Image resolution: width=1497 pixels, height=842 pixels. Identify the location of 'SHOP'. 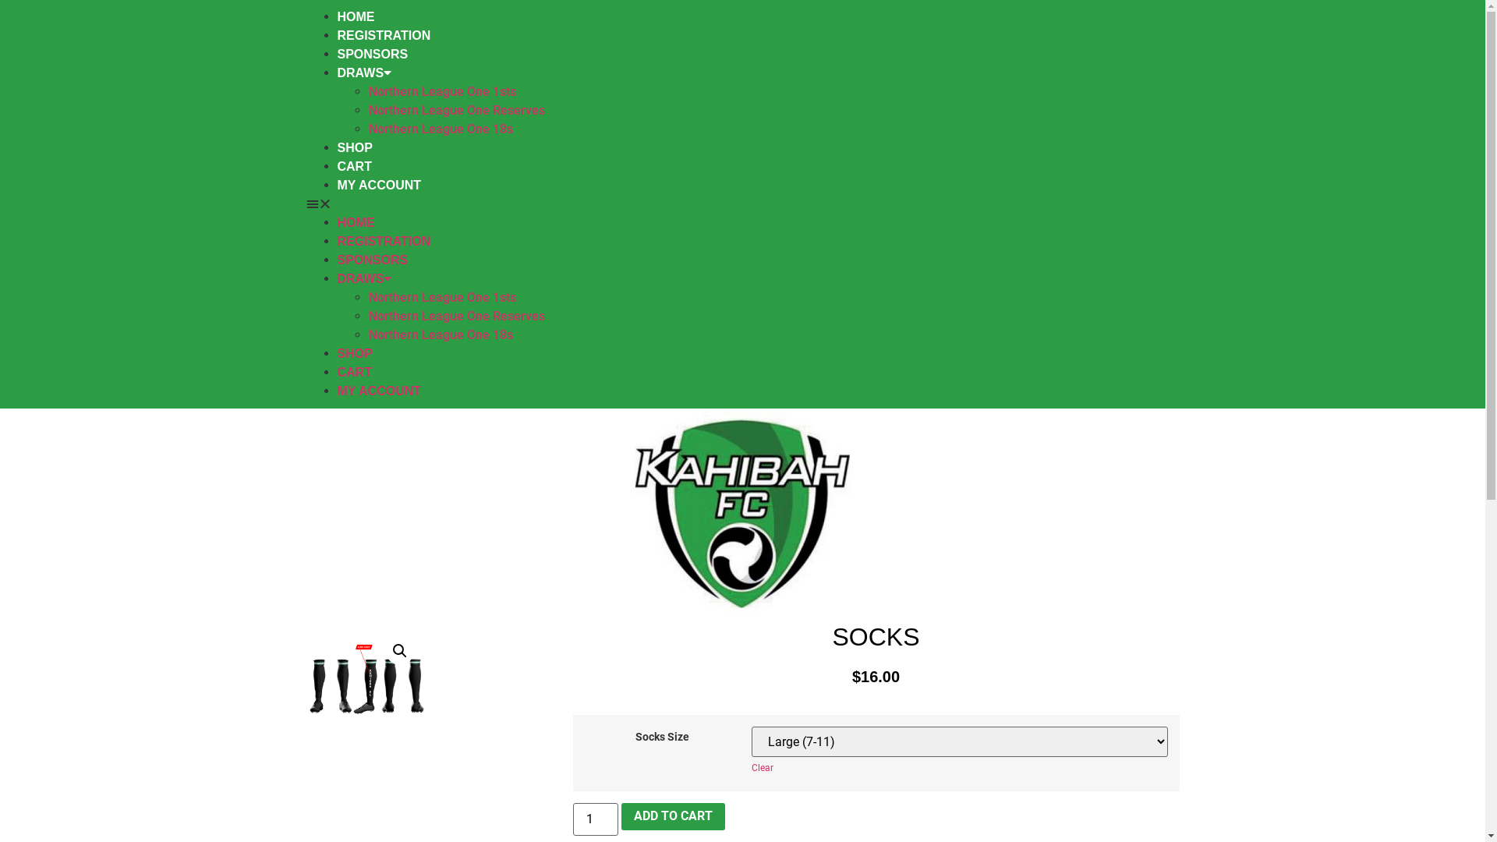
(353, 147).